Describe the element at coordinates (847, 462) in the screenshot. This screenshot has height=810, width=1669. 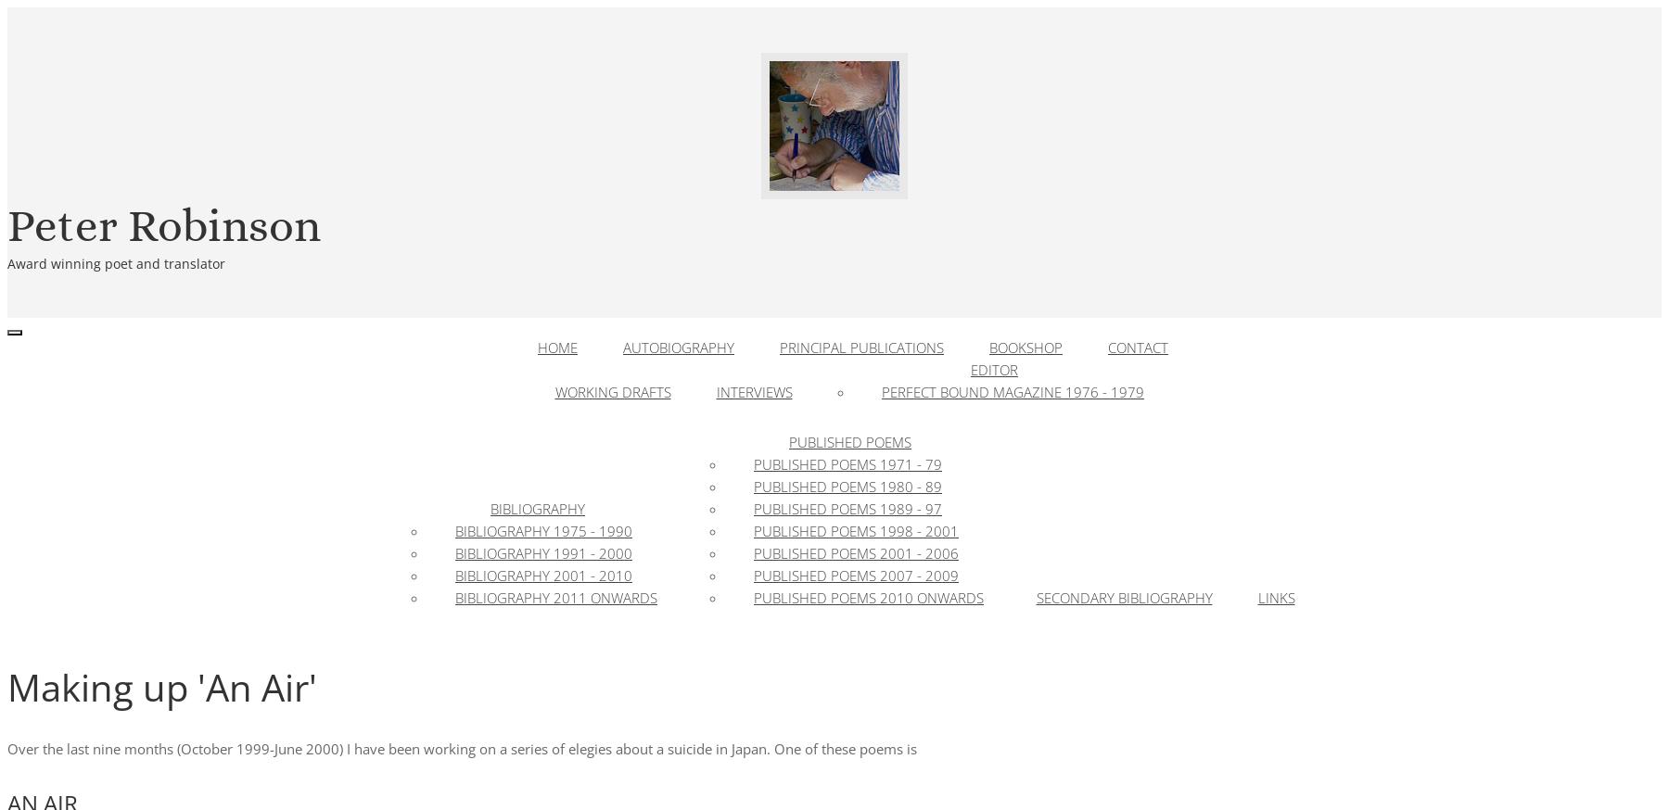
I see `'Published Poems 1971 - 79'` at that location.